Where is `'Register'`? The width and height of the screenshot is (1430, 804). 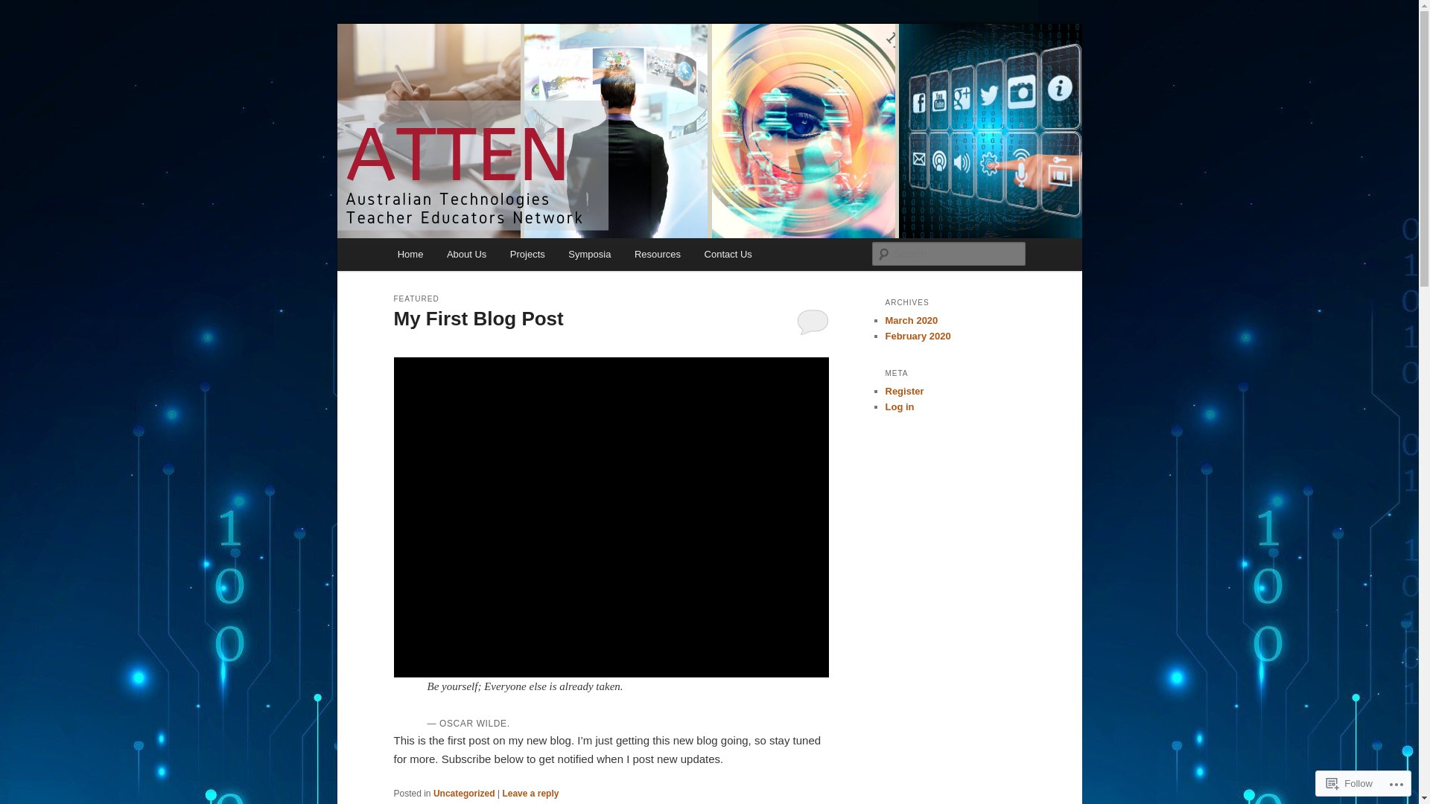
'Register' is located at coordinates (903, 390).